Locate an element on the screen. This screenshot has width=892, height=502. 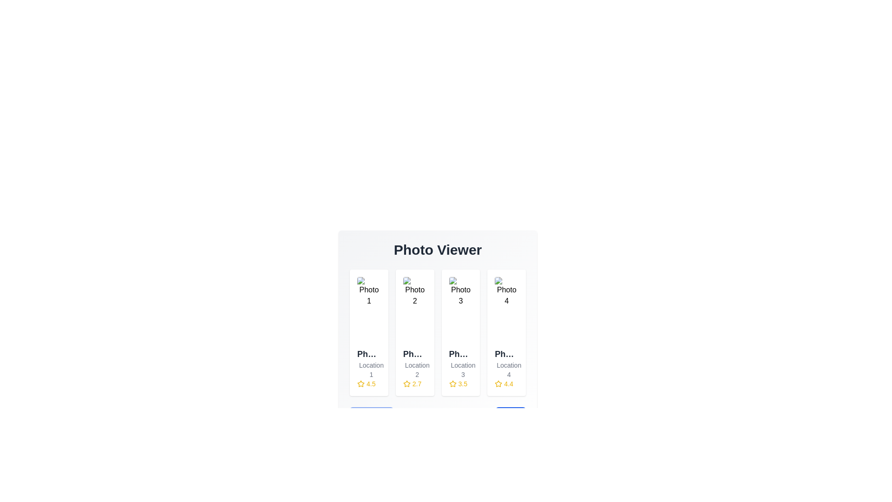
the rectangular image with rounded corners displaying 'Photo 3' is located at coordinates (460, 310).